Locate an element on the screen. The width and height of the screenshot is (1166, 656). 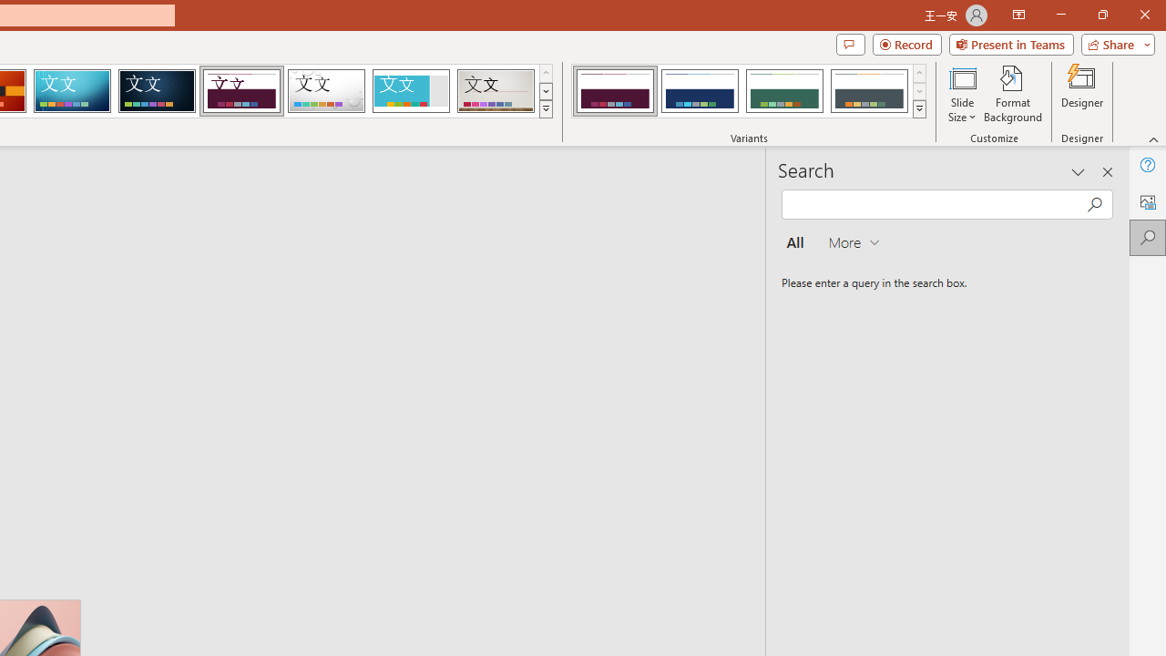
'Dividend Variant 2' is located at coordinates (699, 91).